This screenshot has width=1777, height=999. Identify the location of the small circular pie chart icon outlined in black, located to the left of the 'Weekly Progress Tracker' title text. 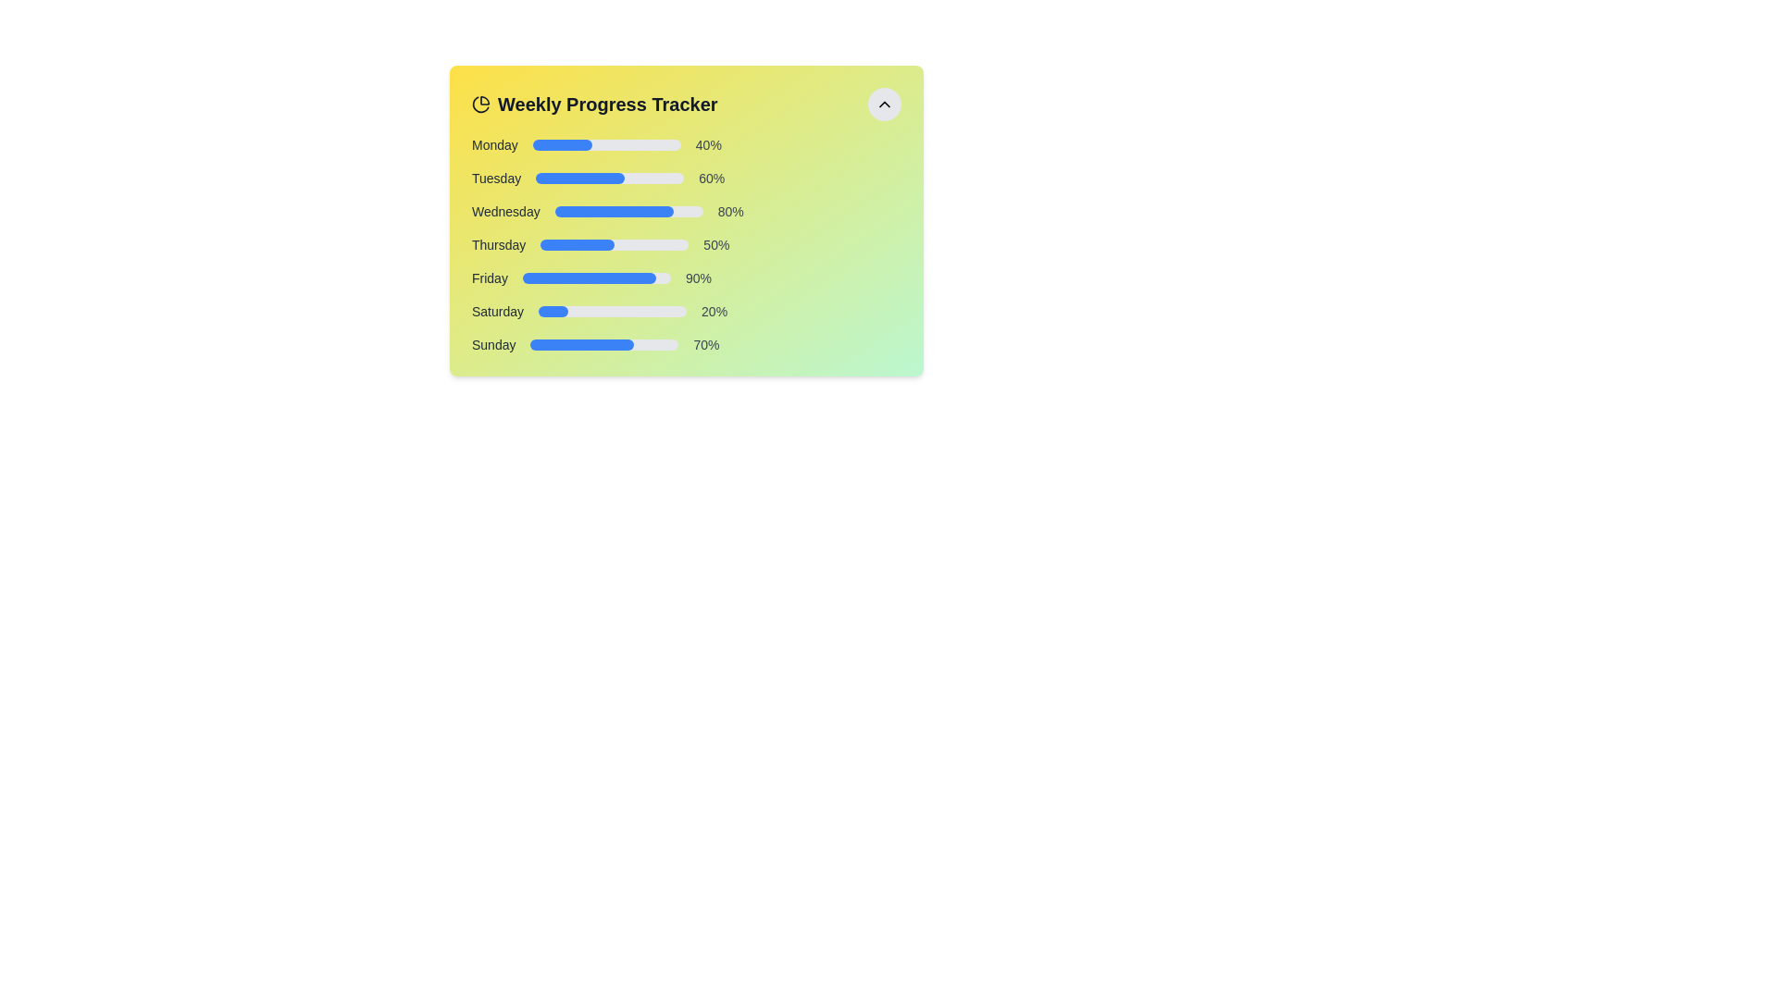
(480, 104).